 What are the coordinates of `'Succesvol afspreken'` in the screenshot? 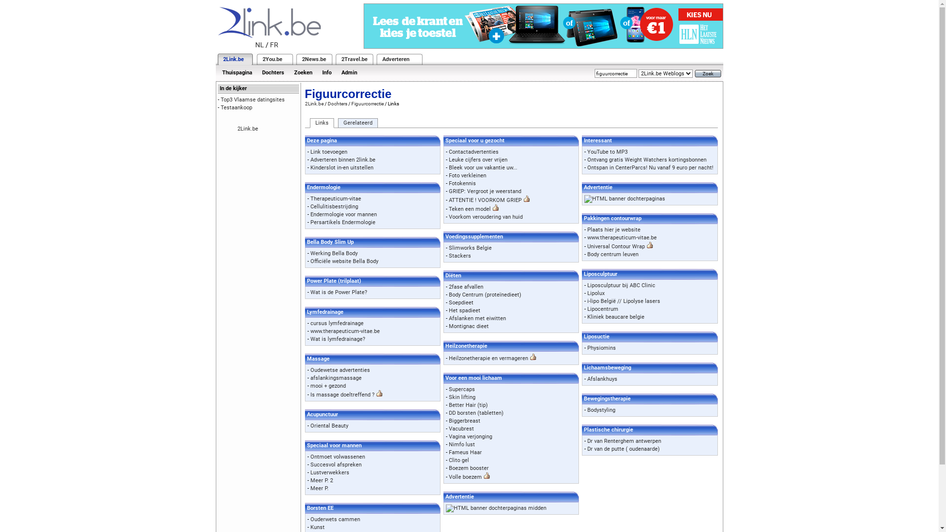 It's located at (336, 465).